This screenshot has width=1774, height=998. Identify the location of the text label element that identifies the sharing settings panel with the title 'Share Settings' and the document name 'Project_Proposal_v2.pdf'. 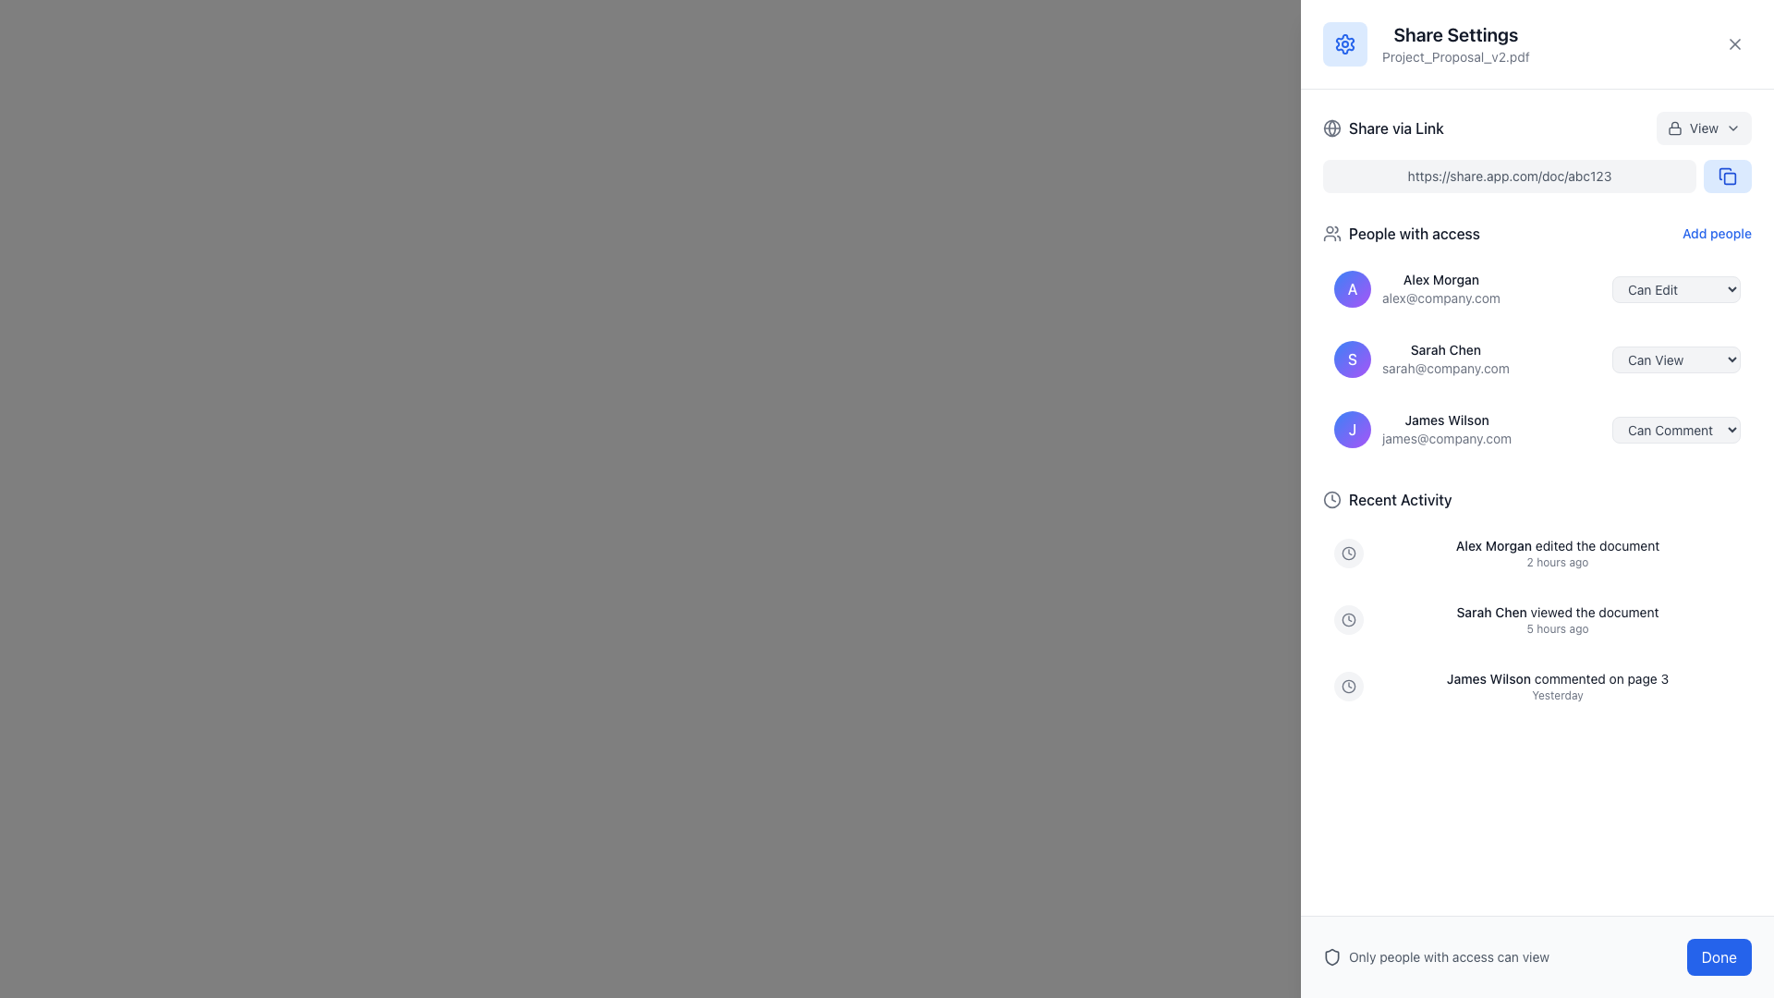
(1454, 43).